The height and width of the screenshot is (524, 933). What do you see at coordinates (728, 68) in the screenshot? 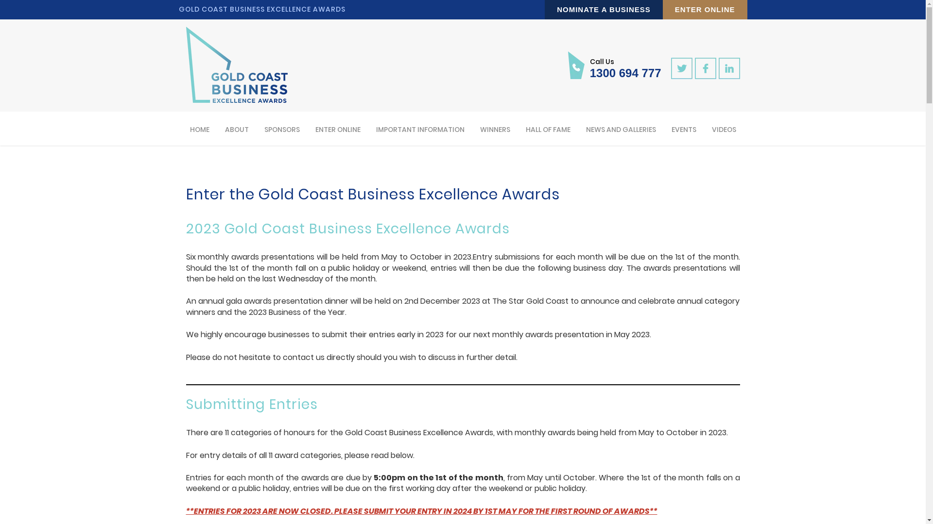
I see `'linkedin'` at bounding box center [728, 68].